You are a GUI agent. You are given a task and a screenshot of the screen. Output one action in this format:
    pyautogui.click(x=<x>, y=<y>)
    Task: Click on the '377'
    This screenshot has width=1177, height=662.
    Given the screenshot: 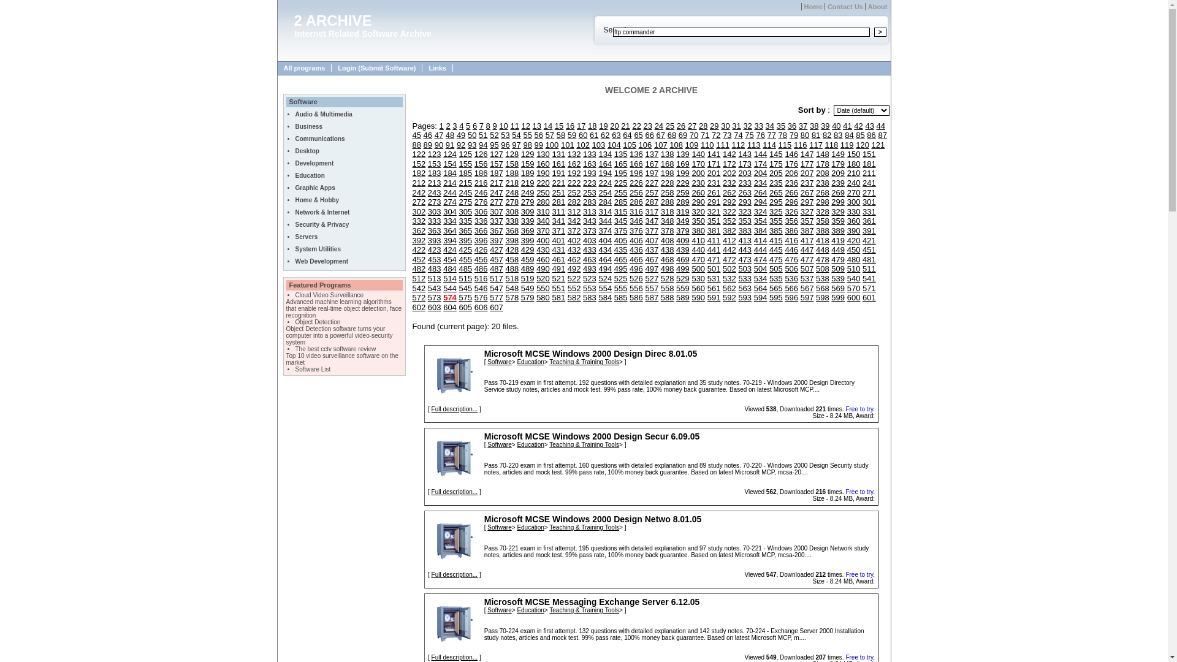 What is the action you would take?
    pyautogui.click(x=650, y=230)
    